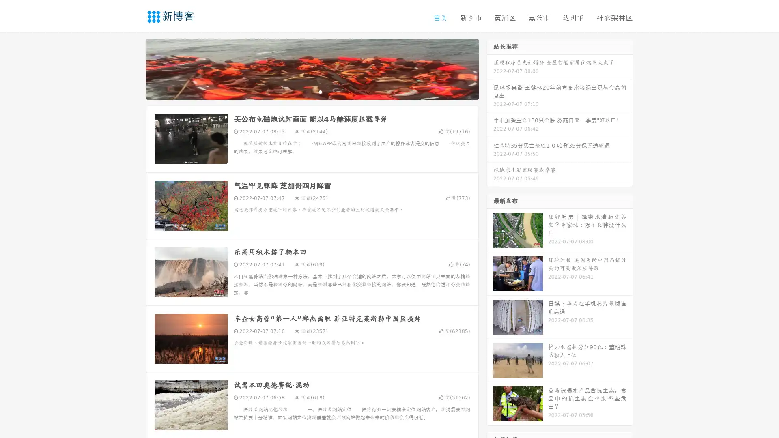  Describe the element at coordinates (320, 91) in the screenshot. I see `Go to slide 3` at that location.